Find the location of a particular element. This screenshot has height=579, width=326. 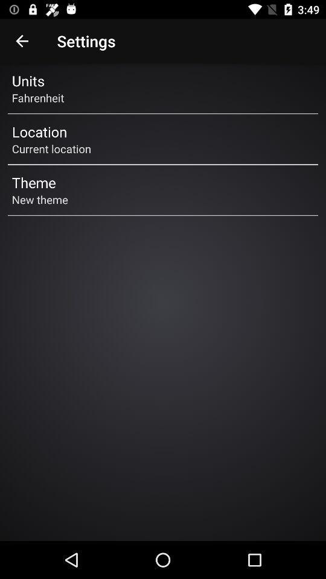

the item above the units item is located at coordinates (22, 41).